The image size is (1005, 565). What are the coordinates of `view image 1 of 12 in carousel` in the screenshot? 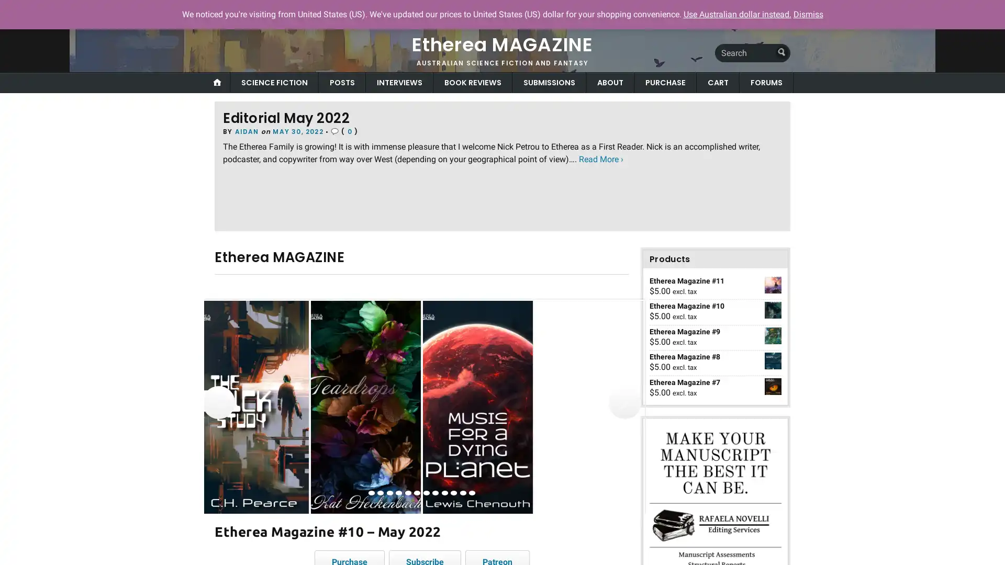 It's located at (371, 492).